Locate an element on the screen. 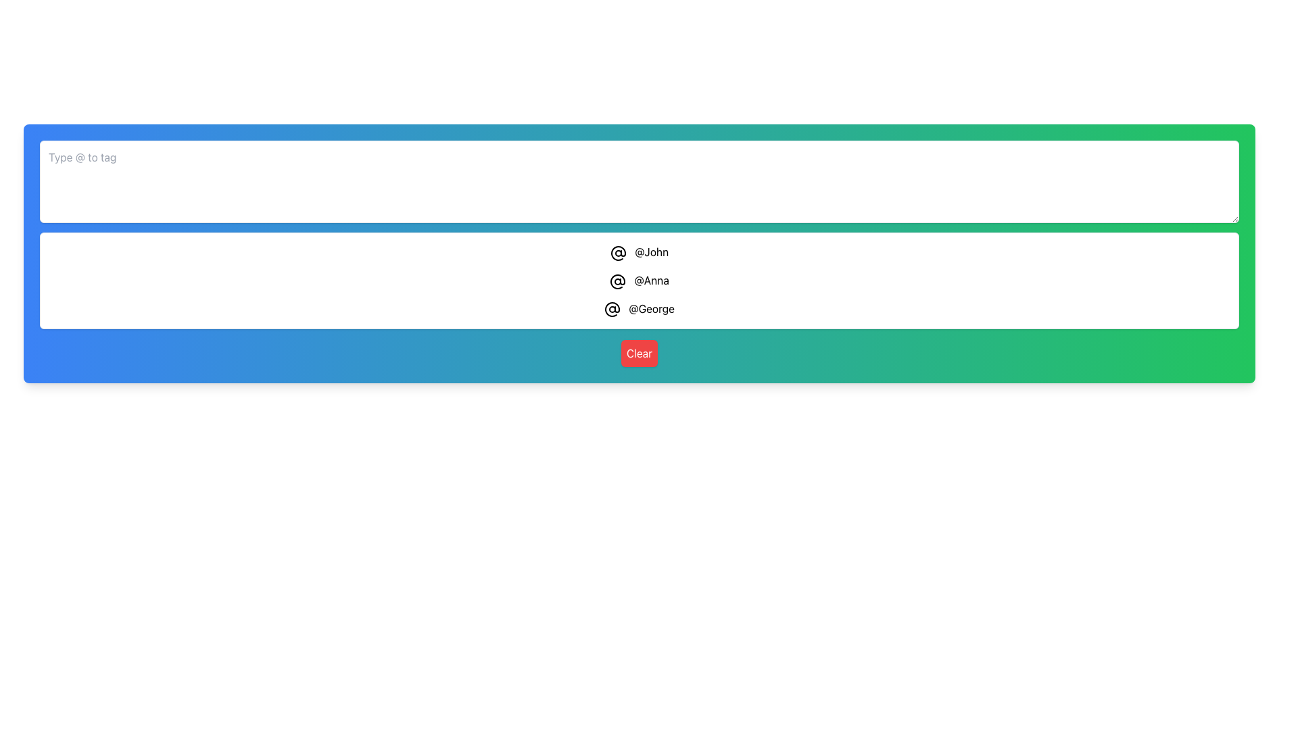 This screenshot has height=730, width=1298. the clickable username display '@George' which is the third item in the list of usernames is located at coordinates (638, 308).